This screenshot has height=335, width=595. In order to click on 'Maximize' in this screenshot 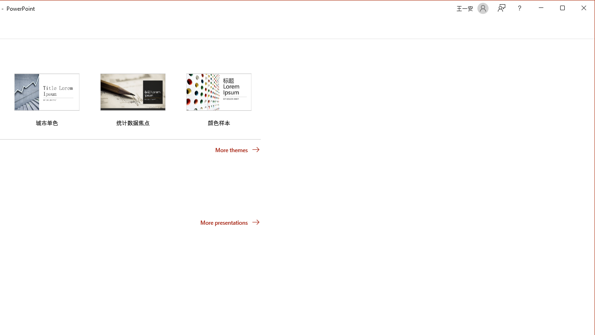, I will do `click(575, 9)`.